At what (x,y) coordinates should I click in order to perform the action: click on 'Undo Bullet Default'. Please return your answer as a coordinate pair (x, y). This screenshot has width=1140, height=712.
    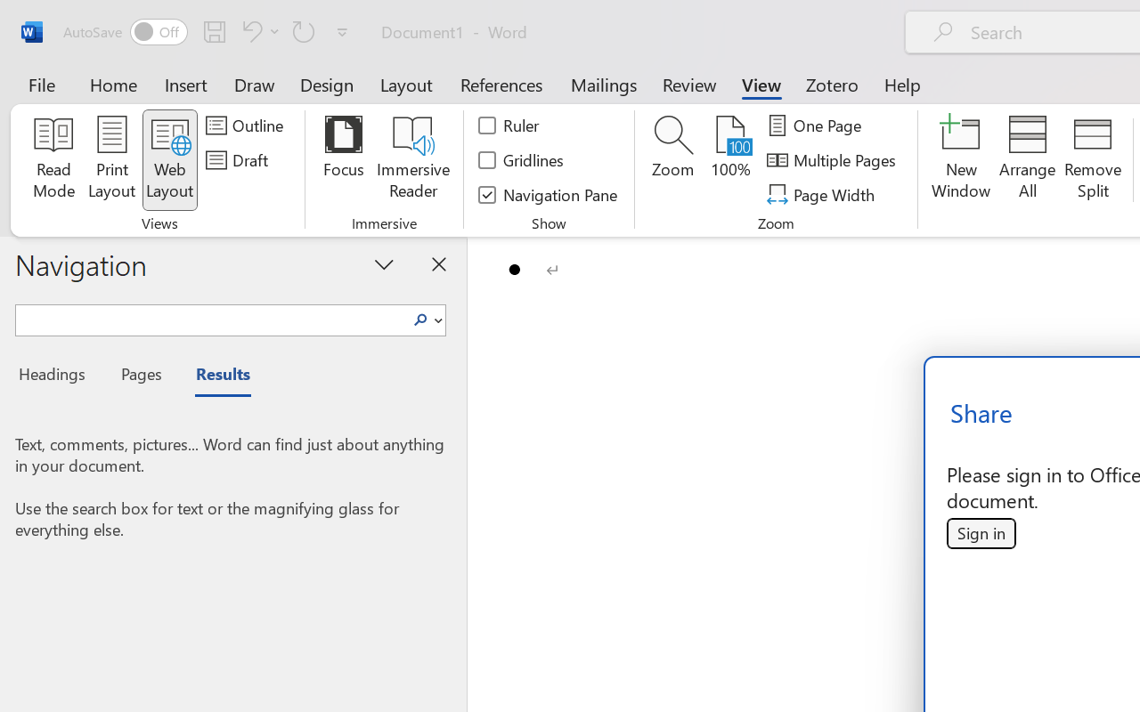
    Looking at the image, I should click on (248, 30).